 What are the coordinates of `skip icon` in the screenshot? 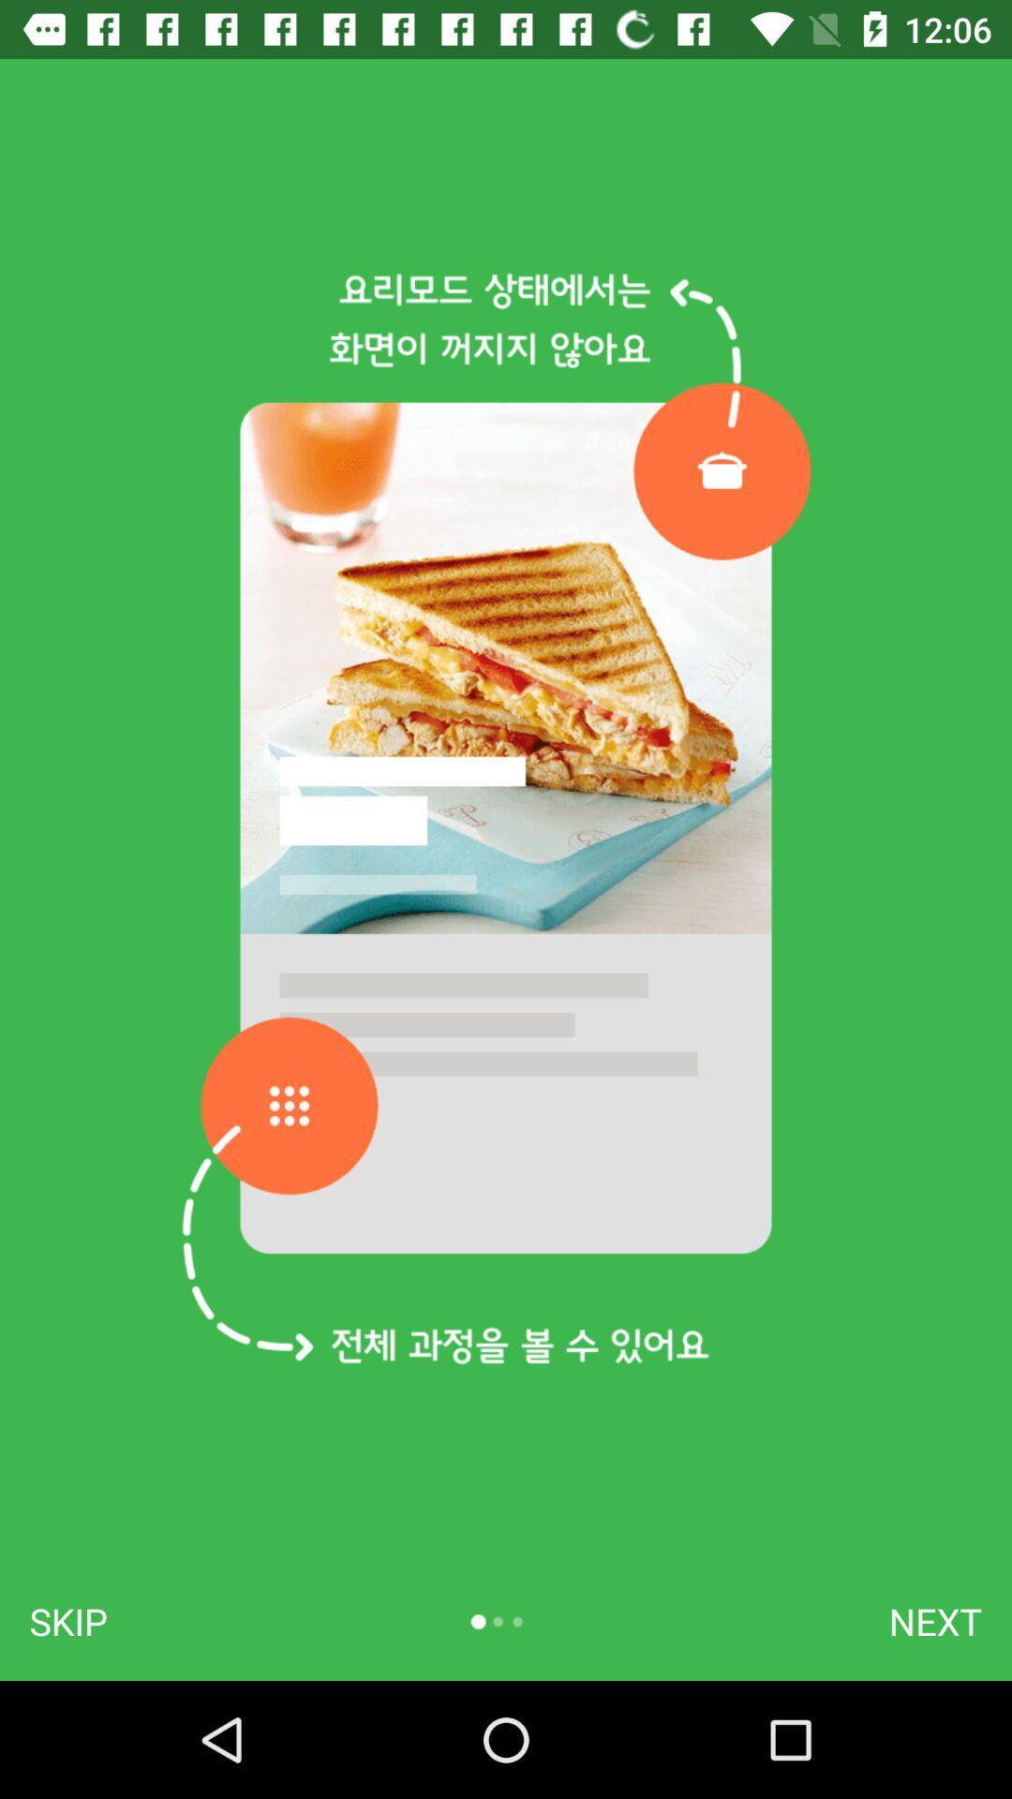 It's located at (67, 1621).